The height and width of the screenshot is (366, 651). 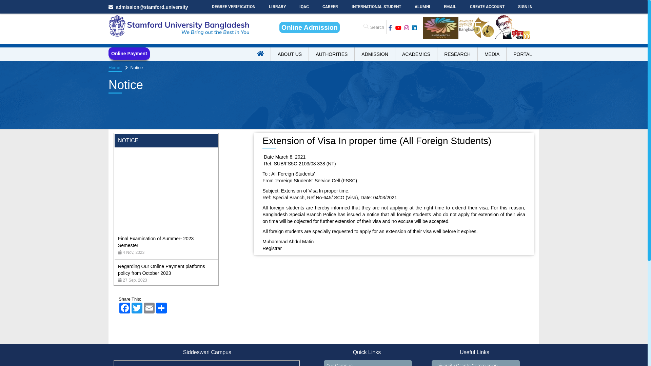 What do you see at coordinates (119, 308) in the screenshot?
I see `'Facebook'` at bounding box center [119, 308].